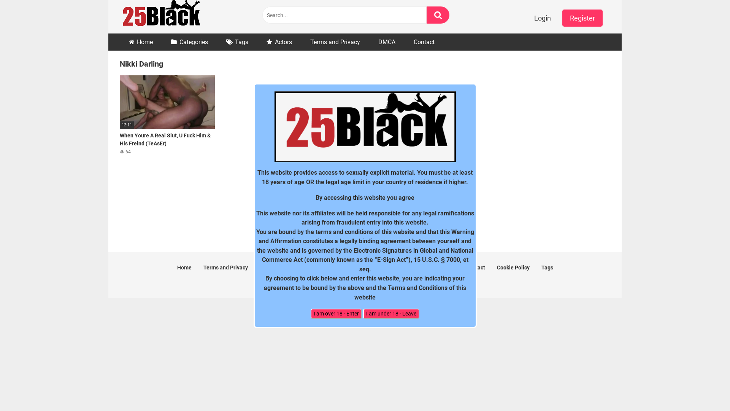 This screenshot has height=411, width=730. I want to click on '25 Black', so click(160, 16).